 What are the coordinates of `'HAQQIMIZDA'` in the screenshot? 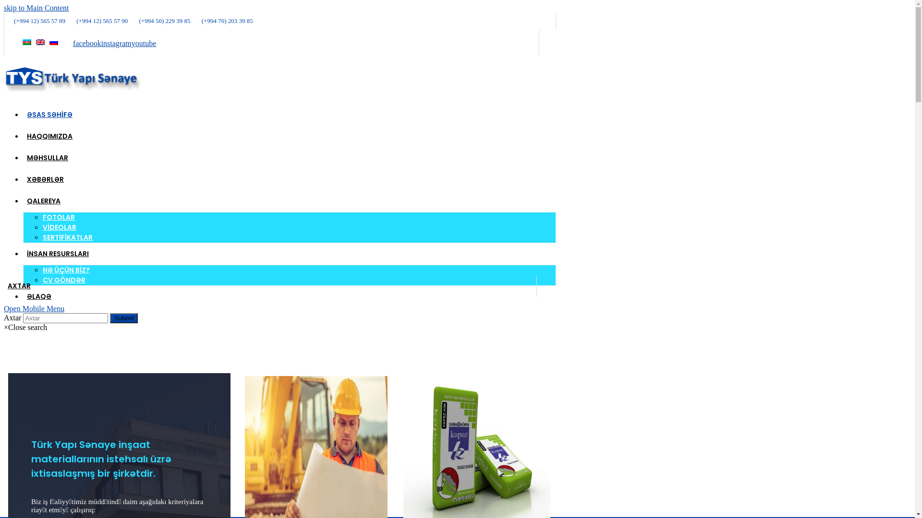 It's located at (49, 136).